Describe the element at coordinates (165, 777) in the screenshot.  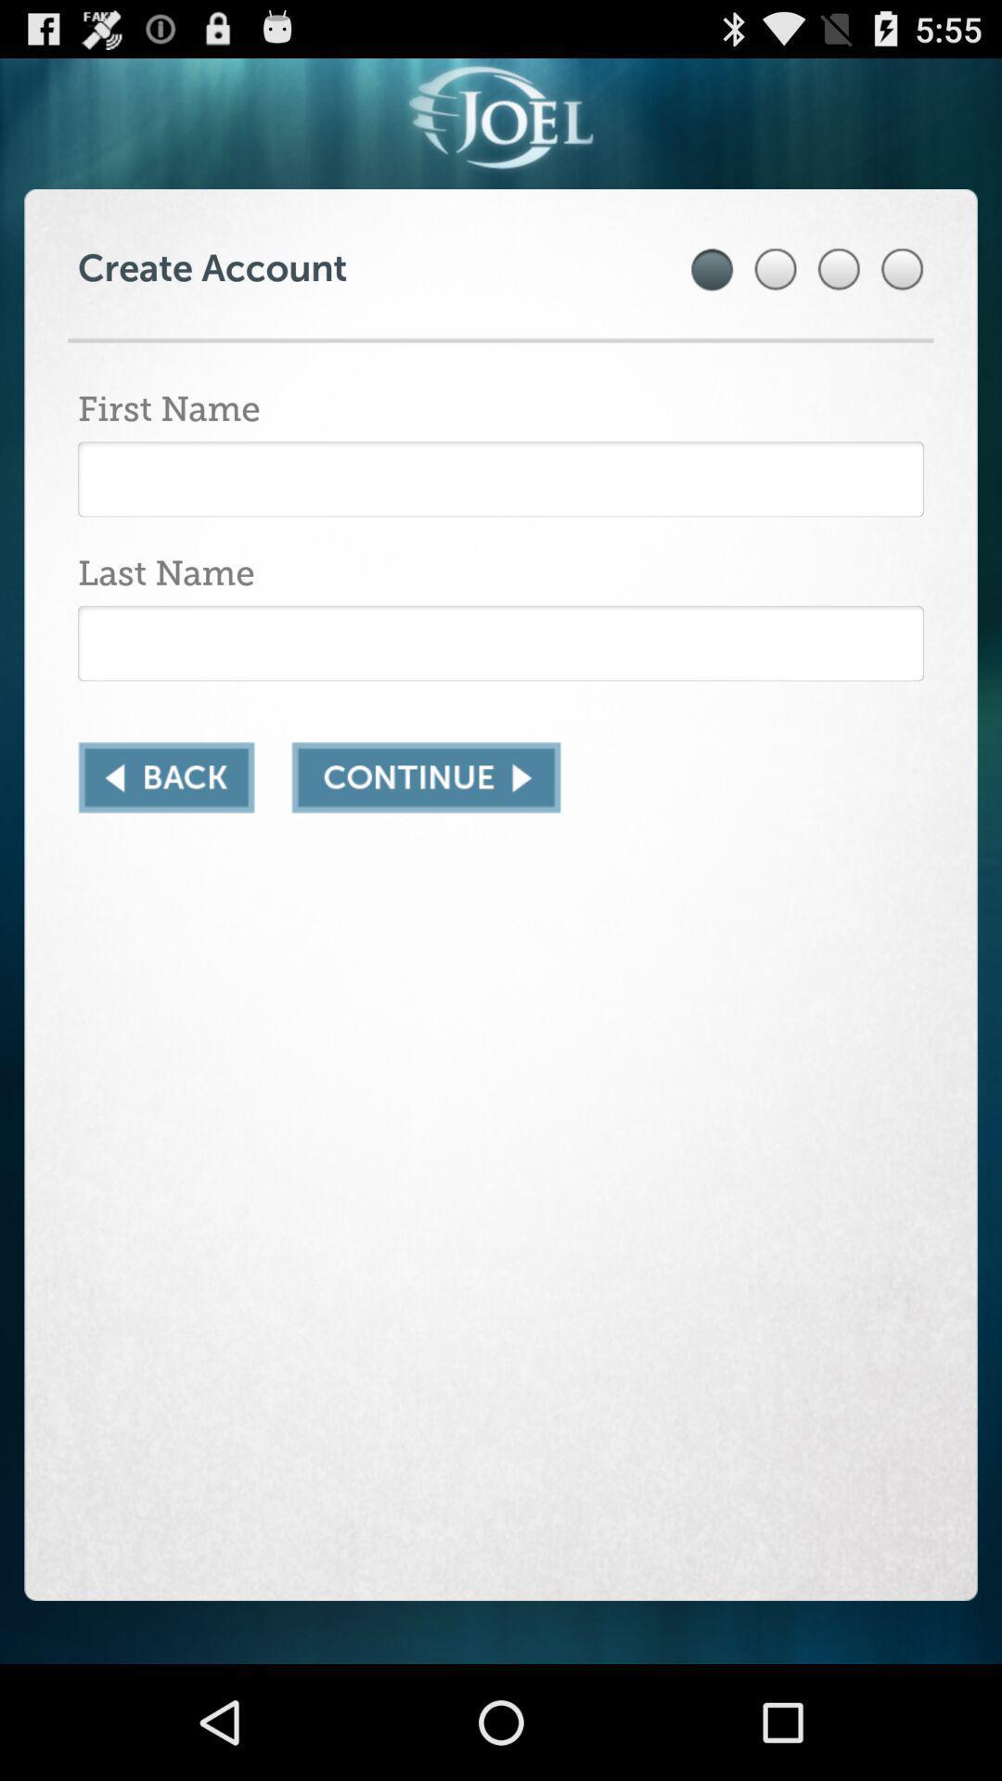
I see `go back` at that location.